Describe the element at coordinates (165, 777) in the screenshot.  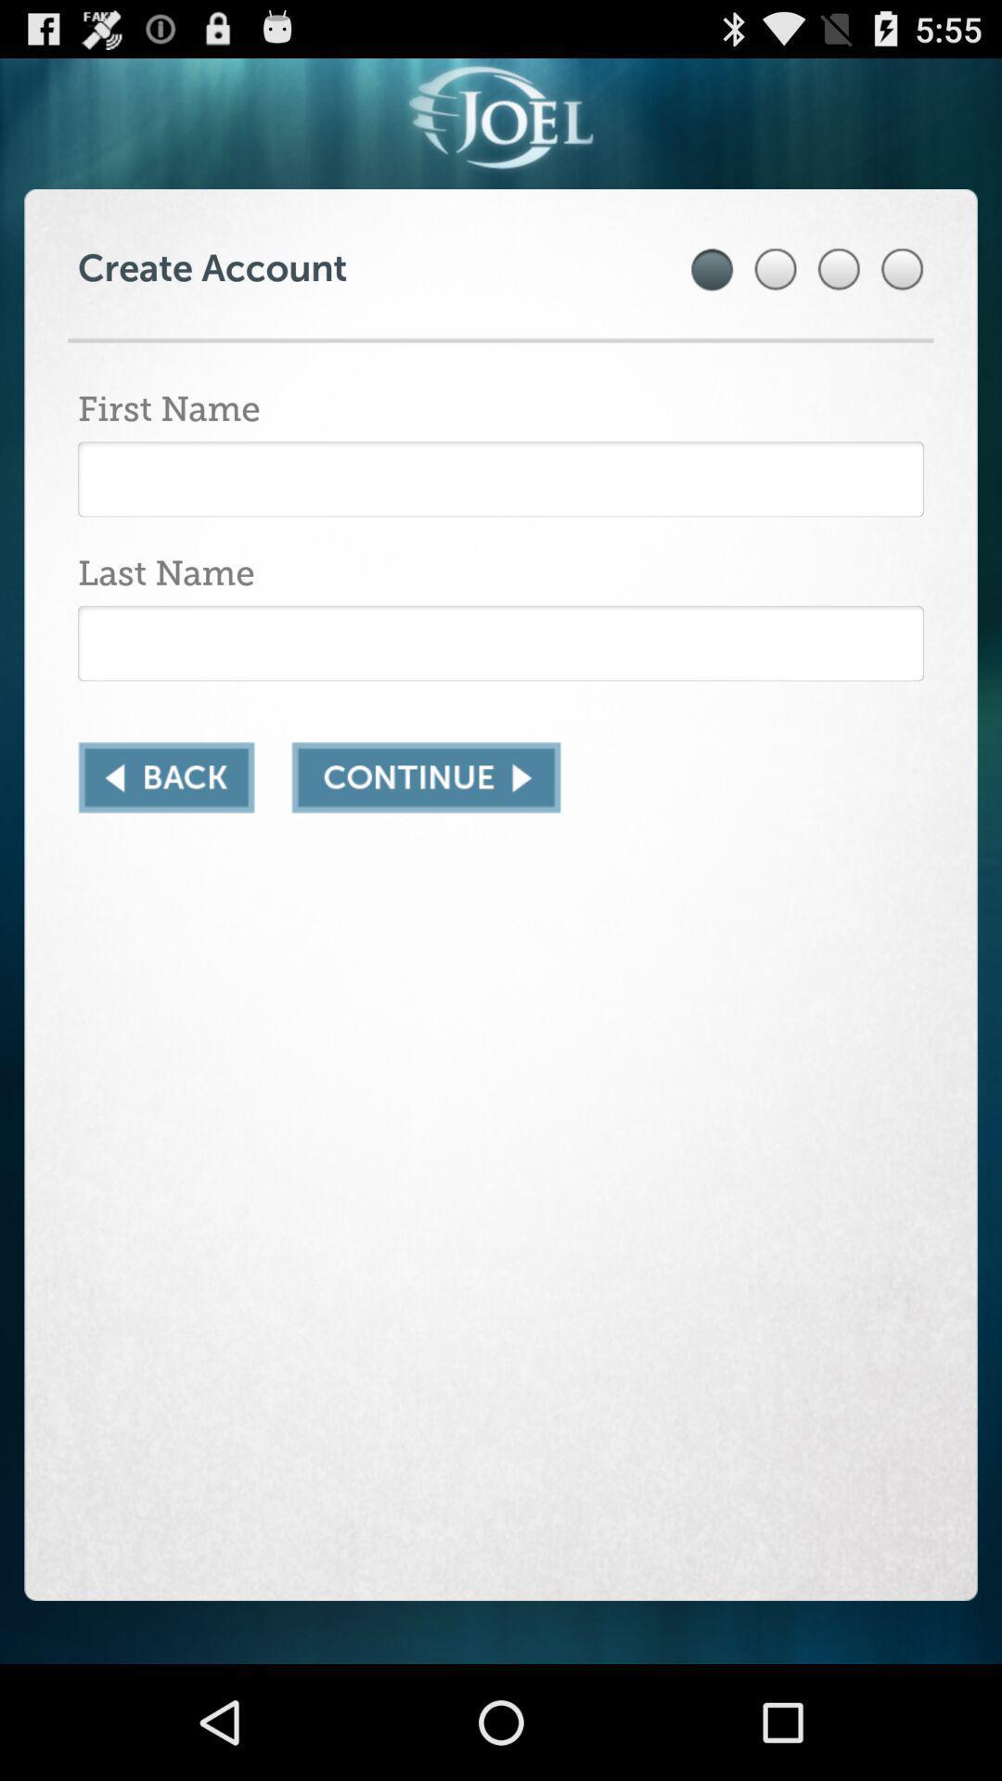
I see `go back` at that location.